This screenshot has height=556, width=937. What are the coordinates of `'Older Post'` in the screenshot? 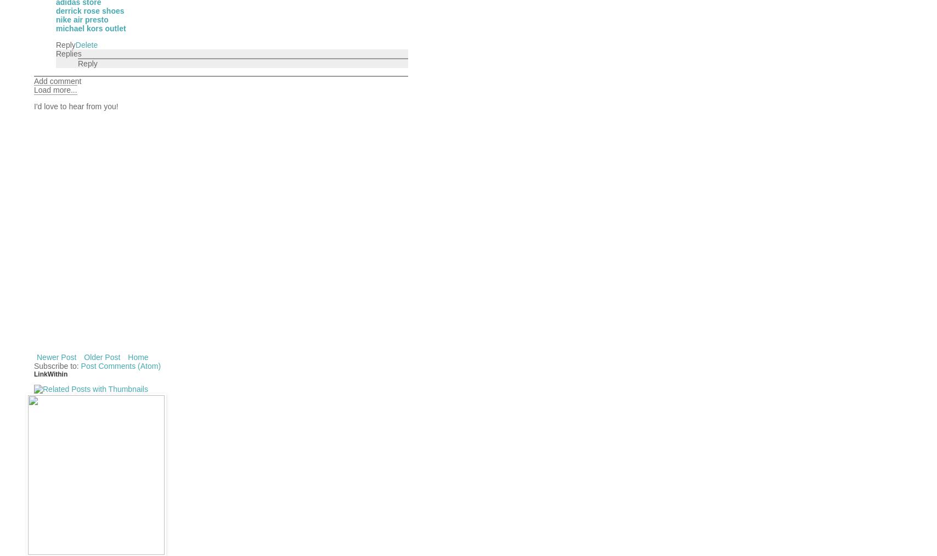 It's located at (102, 356).